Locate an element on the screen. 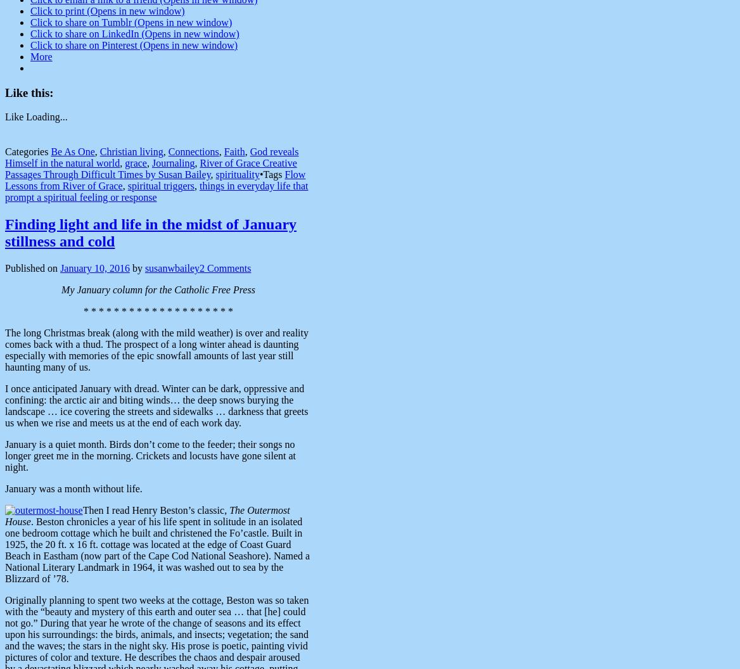 This screenshot has width=740, height=669. 'More' is located at coordinates (41, 55).